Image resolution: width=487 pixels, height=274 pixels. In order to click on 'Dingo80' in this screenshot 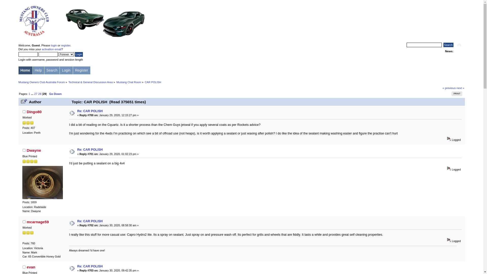, I will do `click(34, 111)`.